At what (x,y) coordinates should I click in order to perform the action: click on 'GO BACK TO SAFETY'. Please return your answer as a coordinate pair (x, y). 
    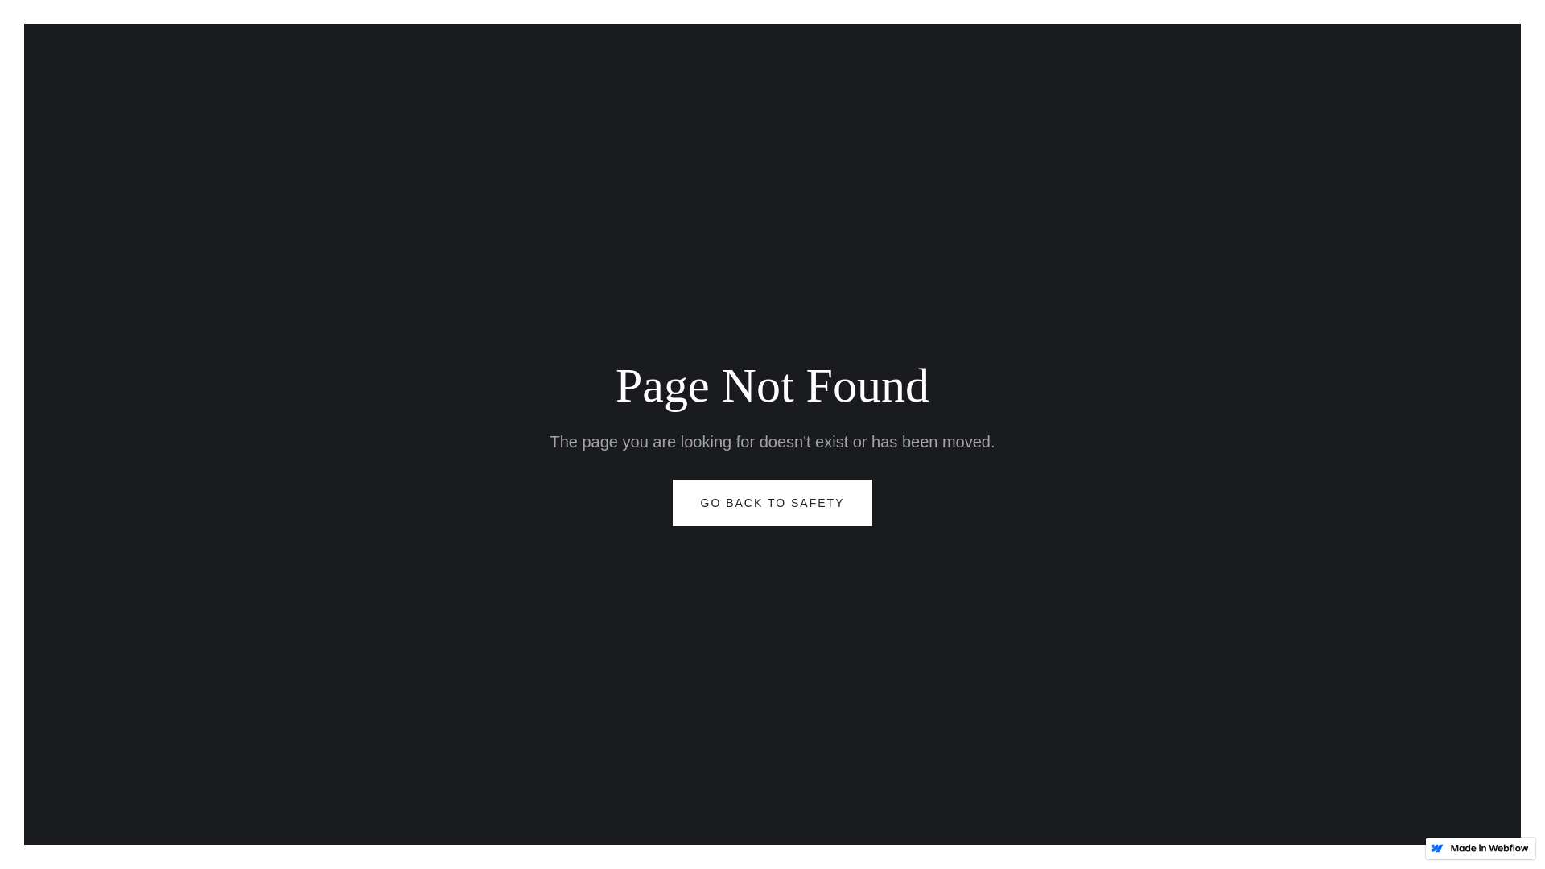
    Looking at the image, I should click on (772, 501).